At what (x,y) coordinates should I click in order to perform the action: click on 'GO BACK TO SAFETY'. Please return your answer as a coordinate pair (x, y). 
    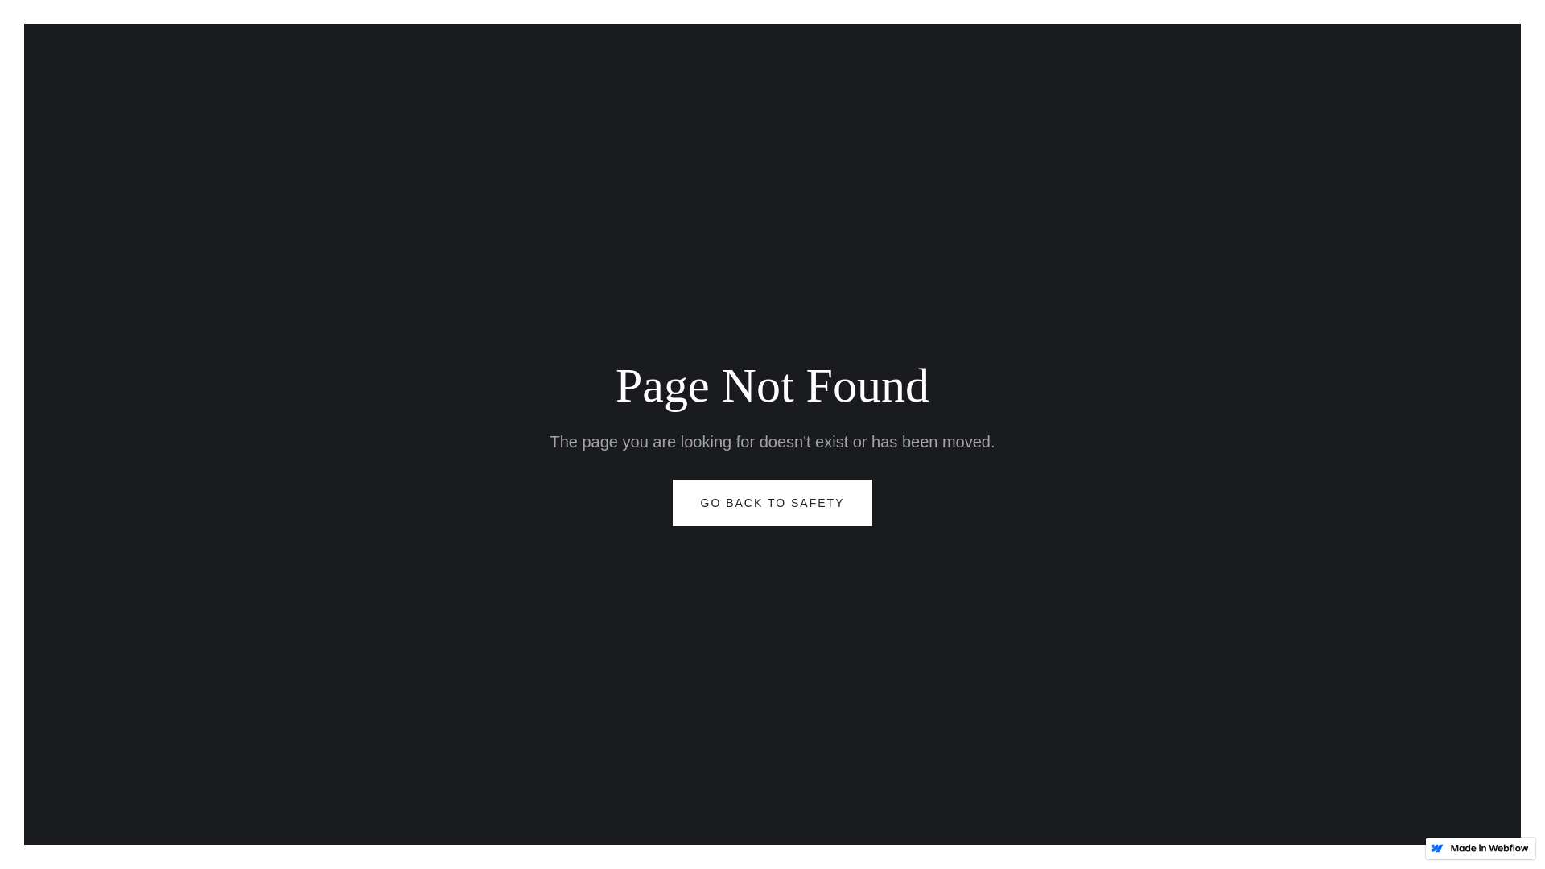
    Looking at the image, I should click on (772, 501).